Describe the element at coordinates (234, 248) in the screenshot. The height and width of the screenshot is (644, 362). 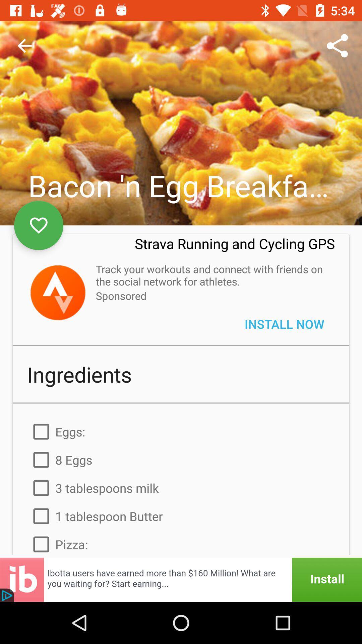
I see `the strava running and item` at that location.